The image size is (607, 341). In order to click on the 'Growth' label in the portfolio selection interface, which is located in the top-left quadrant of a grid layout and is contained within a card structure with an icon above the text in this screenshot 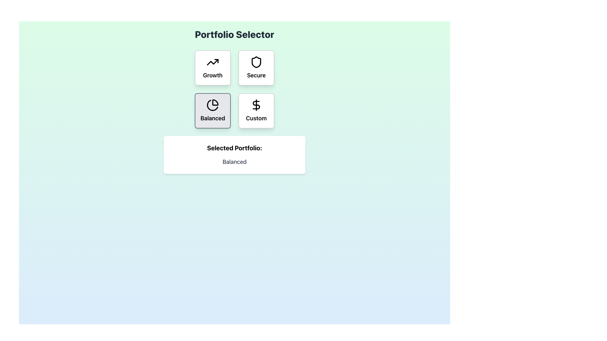, I will do `click(213, 75)`.